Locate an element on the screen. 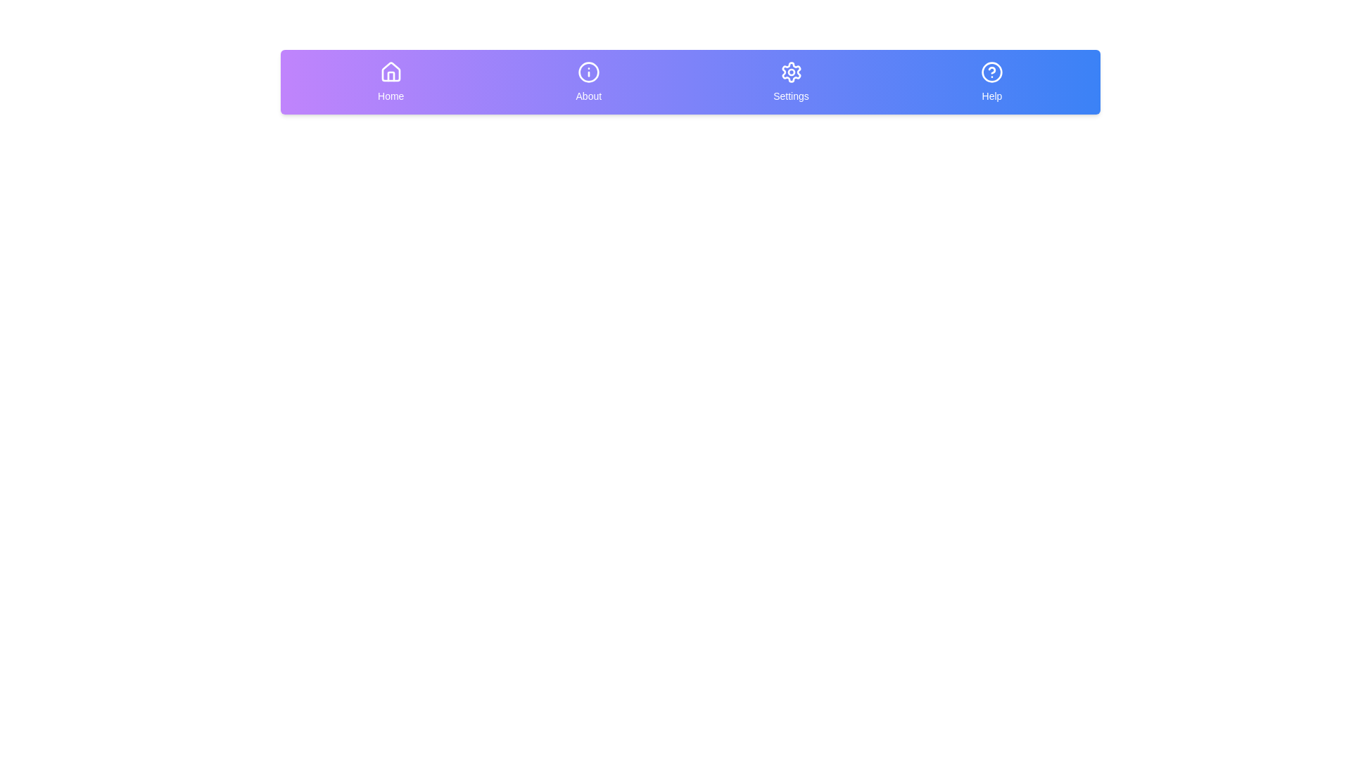  the descriptive text label located beneath the 'Help' icon in the rightmost section of the top interface bar is located at coordinates (991, 96).